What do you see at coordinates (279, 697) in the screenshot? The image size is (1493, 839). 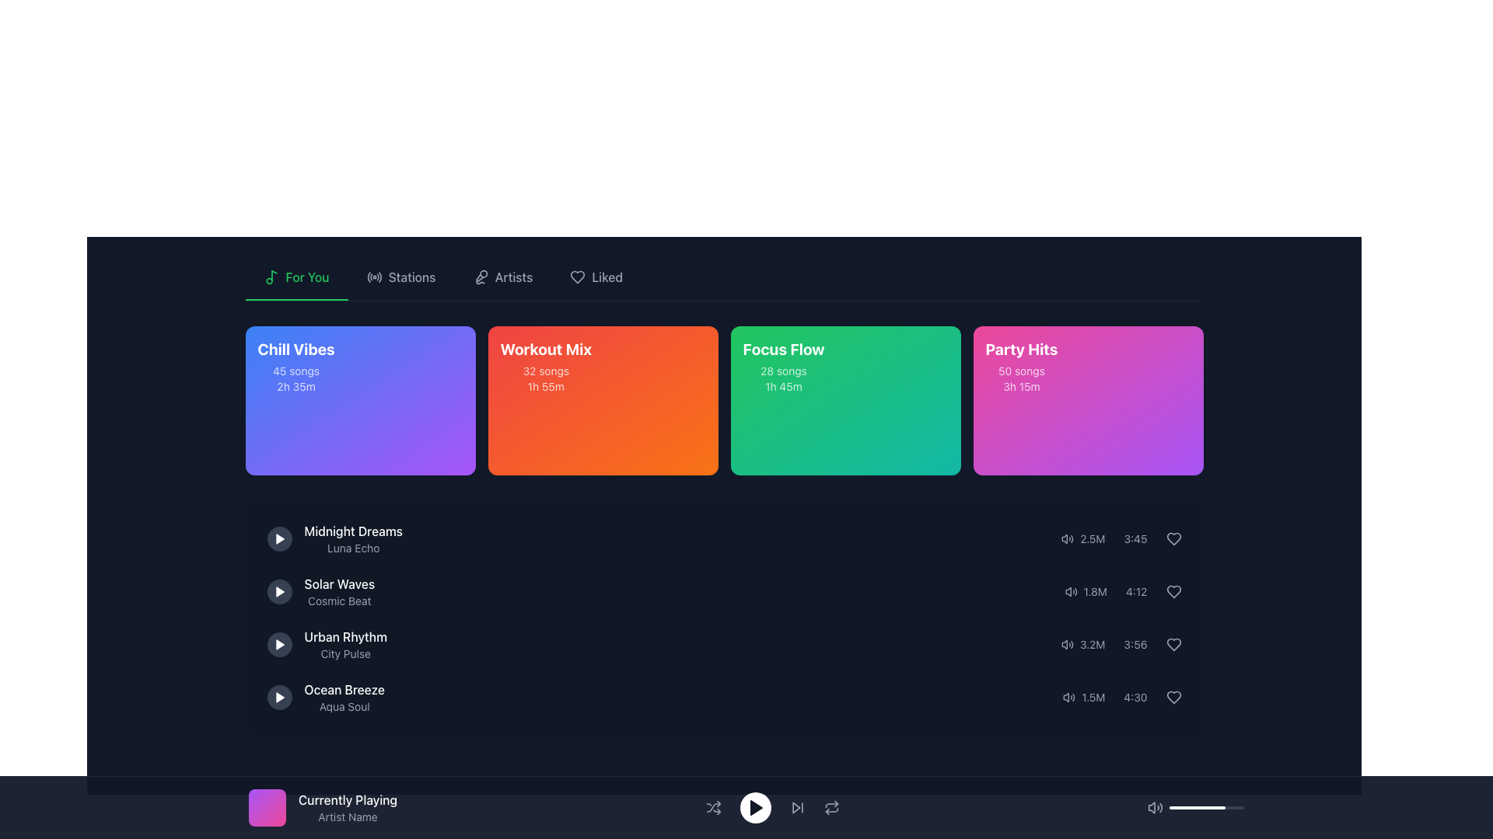 I see `the circular button with a dark gray background and a white play icon located in the fourth row of the list near the text 'Ocean Breeze' and 'Aqua Soul' to play the track` at bounding box center [279, 697].